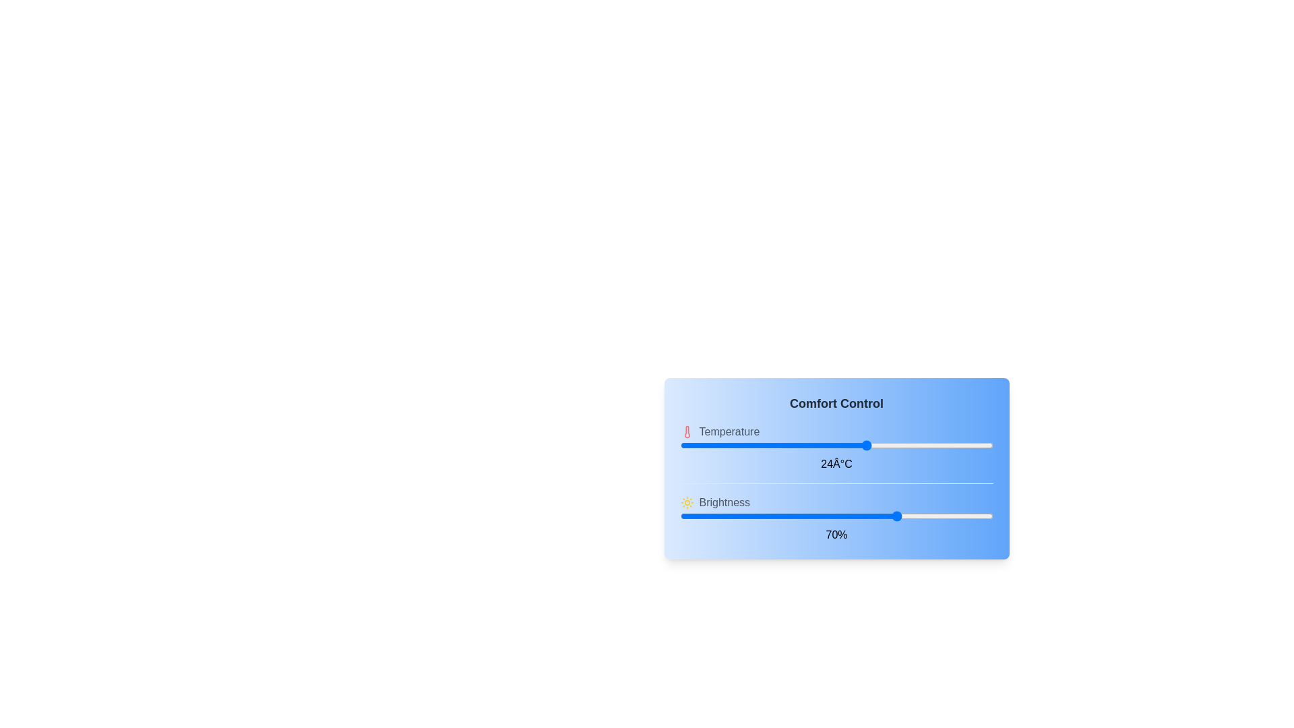 The image size is (1294, 728). I want to click on the temperature slider to set the temperature to 0°C, so click(680, 445).